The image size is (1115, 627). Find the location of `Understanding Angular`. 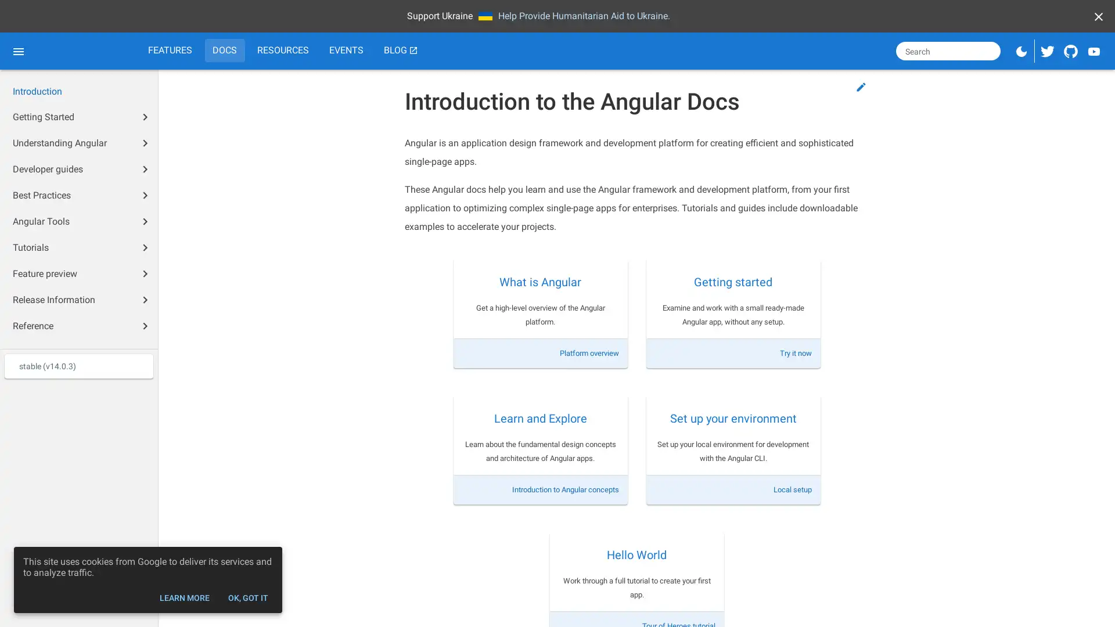

Understanding Angular is located at coordinates (78, 142).